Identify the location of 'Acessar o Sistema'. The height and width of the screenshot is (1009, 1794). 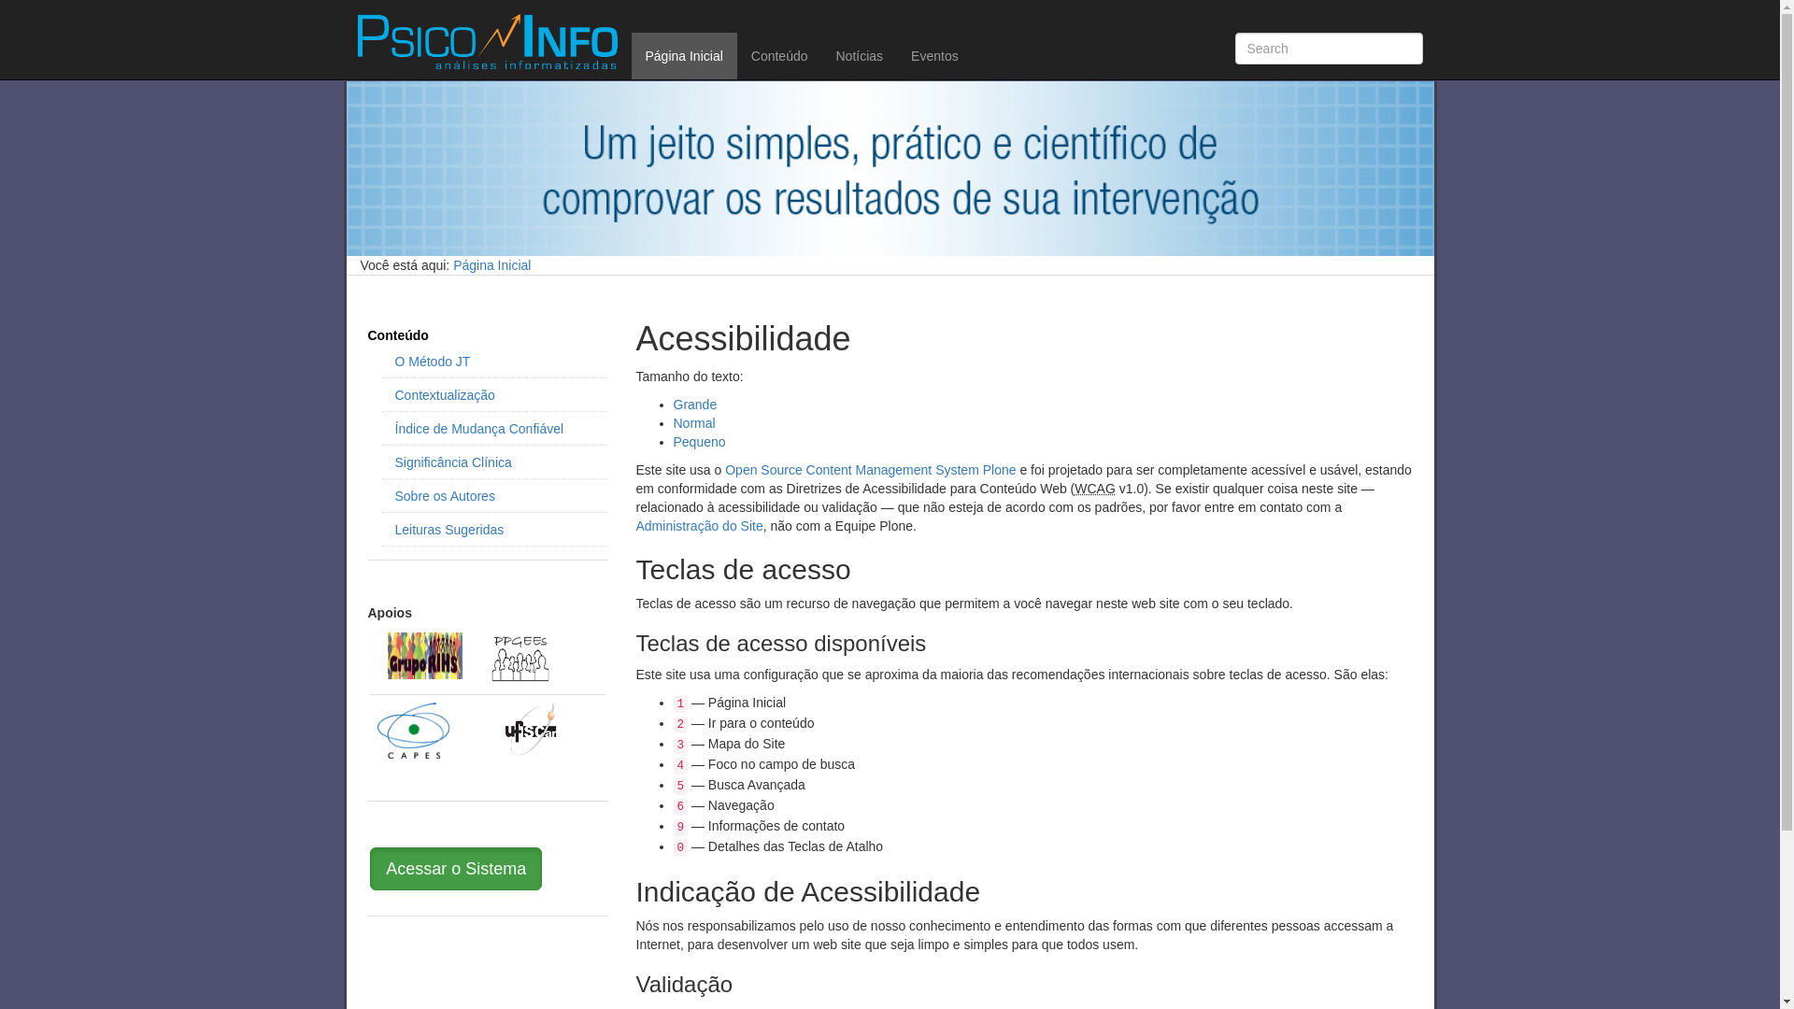
(369, 868).